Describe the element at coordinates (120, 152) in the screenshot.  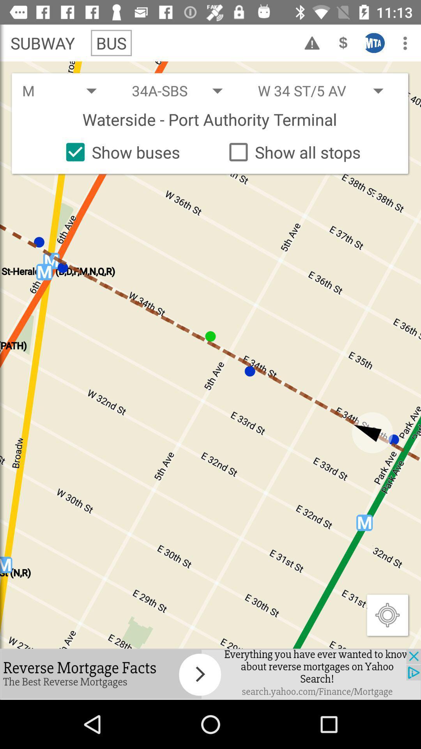
I see `show buses which is below waterside on the page` at that location.